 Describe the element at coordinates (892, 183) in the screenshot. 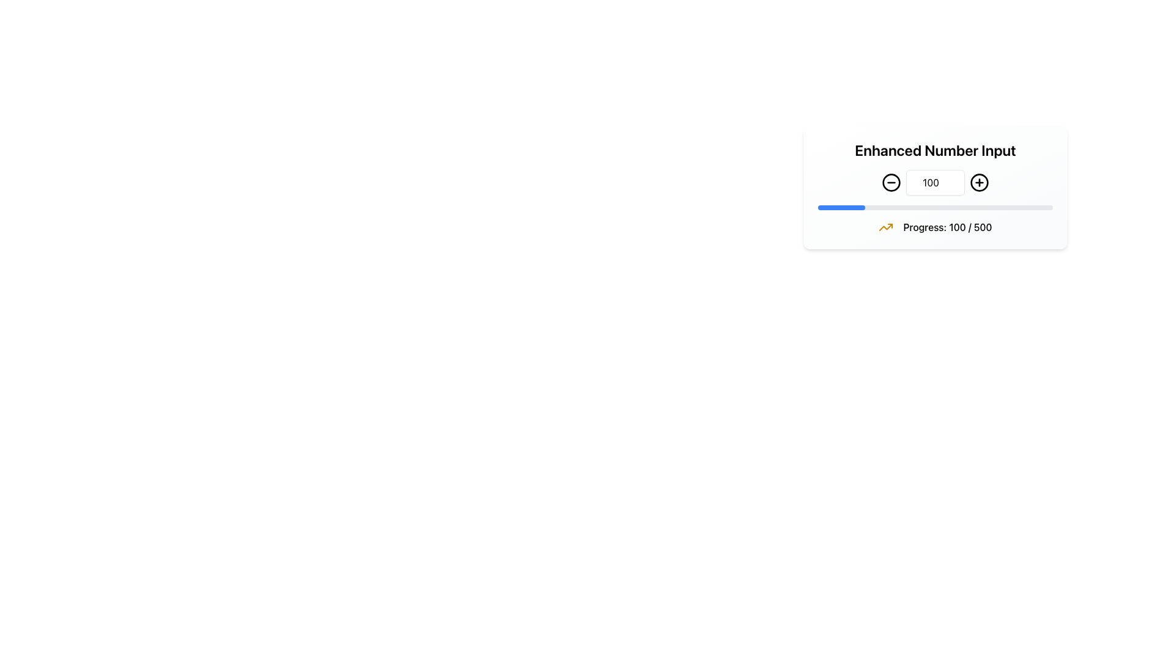

I see `the circular minus icon located in the top-left section of the 'Enhanced Number Input' widget to decrement the number` at that location.